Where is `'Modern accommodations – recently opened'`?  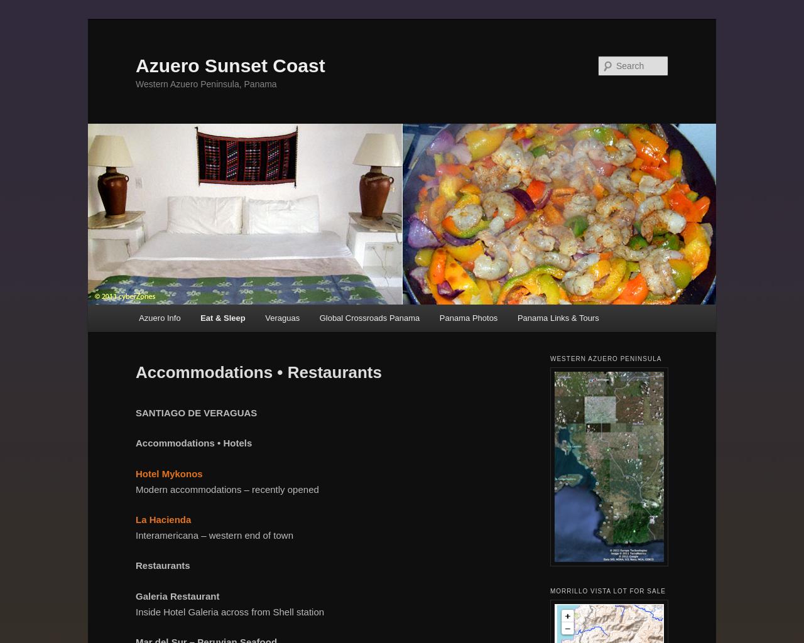
'Modern accommodations – recently opened' is located at coordinates (227, 489).